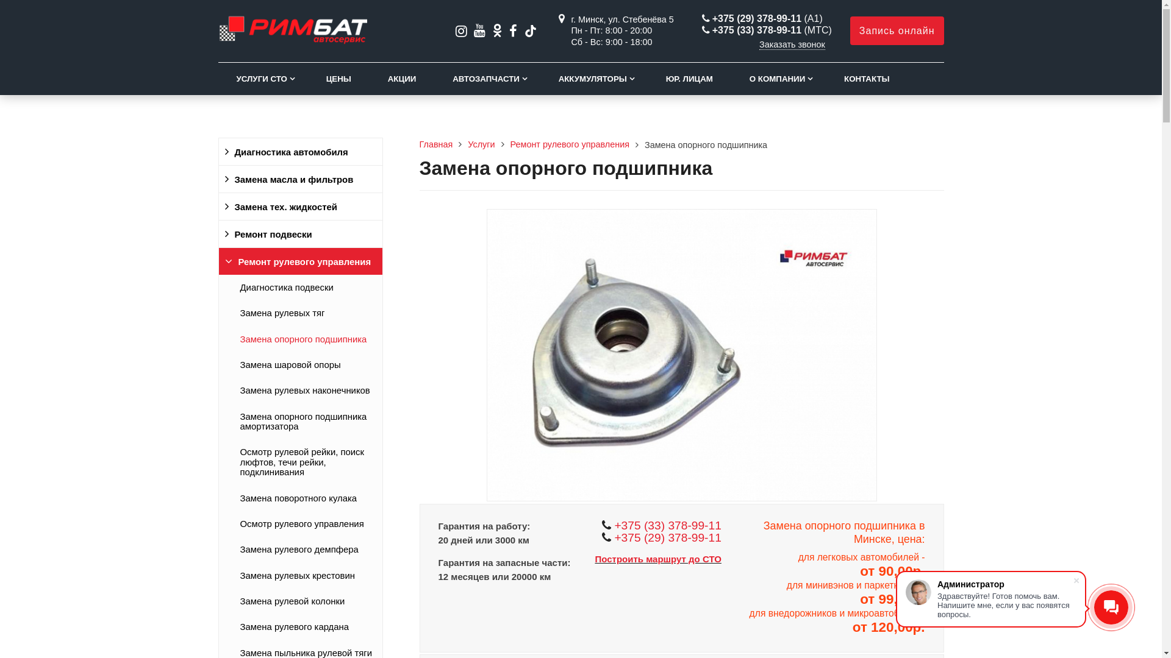 The height and width of the screenshot is (658, 1171). Describe the element at coordinates (756, 18) in the screenshot. I see `'+375 (29) 378-99-11'` at that location.